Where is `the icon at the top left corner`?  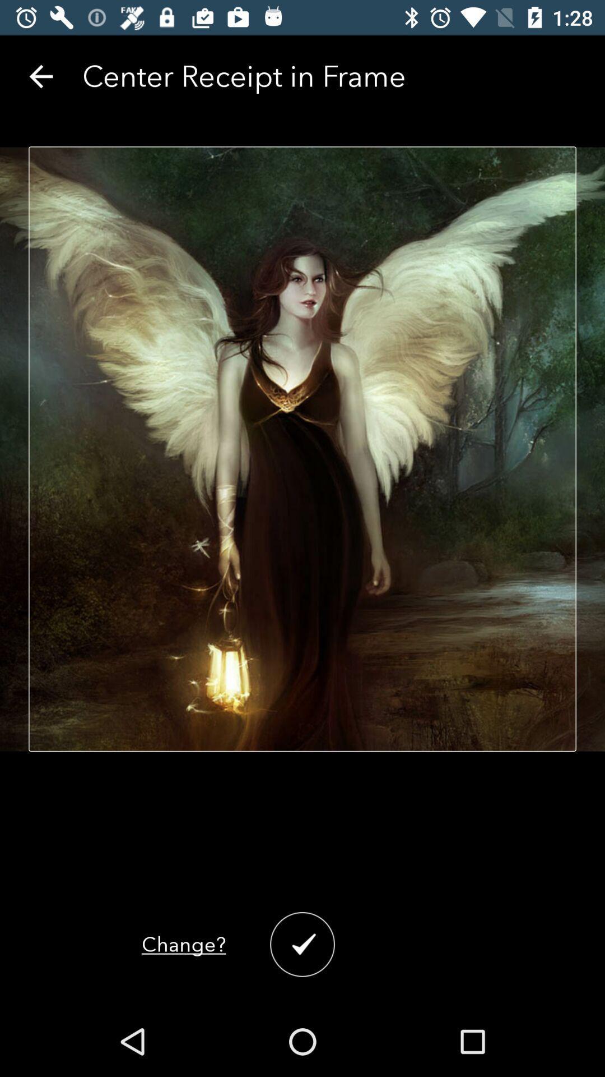 the icon at the top left corner is located at coordinates (40, 76).